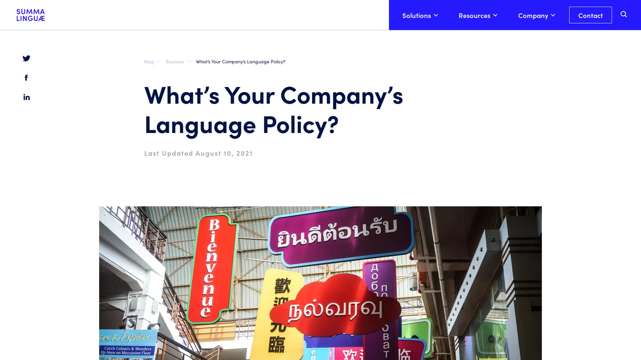  Describe the element at coordinates (624, 41) in the screenshot. I see `Search` at that location.